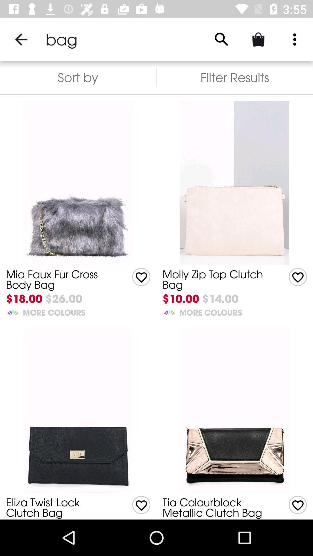 The image size is (313, 556). I want to click on save, so click(141, 504).